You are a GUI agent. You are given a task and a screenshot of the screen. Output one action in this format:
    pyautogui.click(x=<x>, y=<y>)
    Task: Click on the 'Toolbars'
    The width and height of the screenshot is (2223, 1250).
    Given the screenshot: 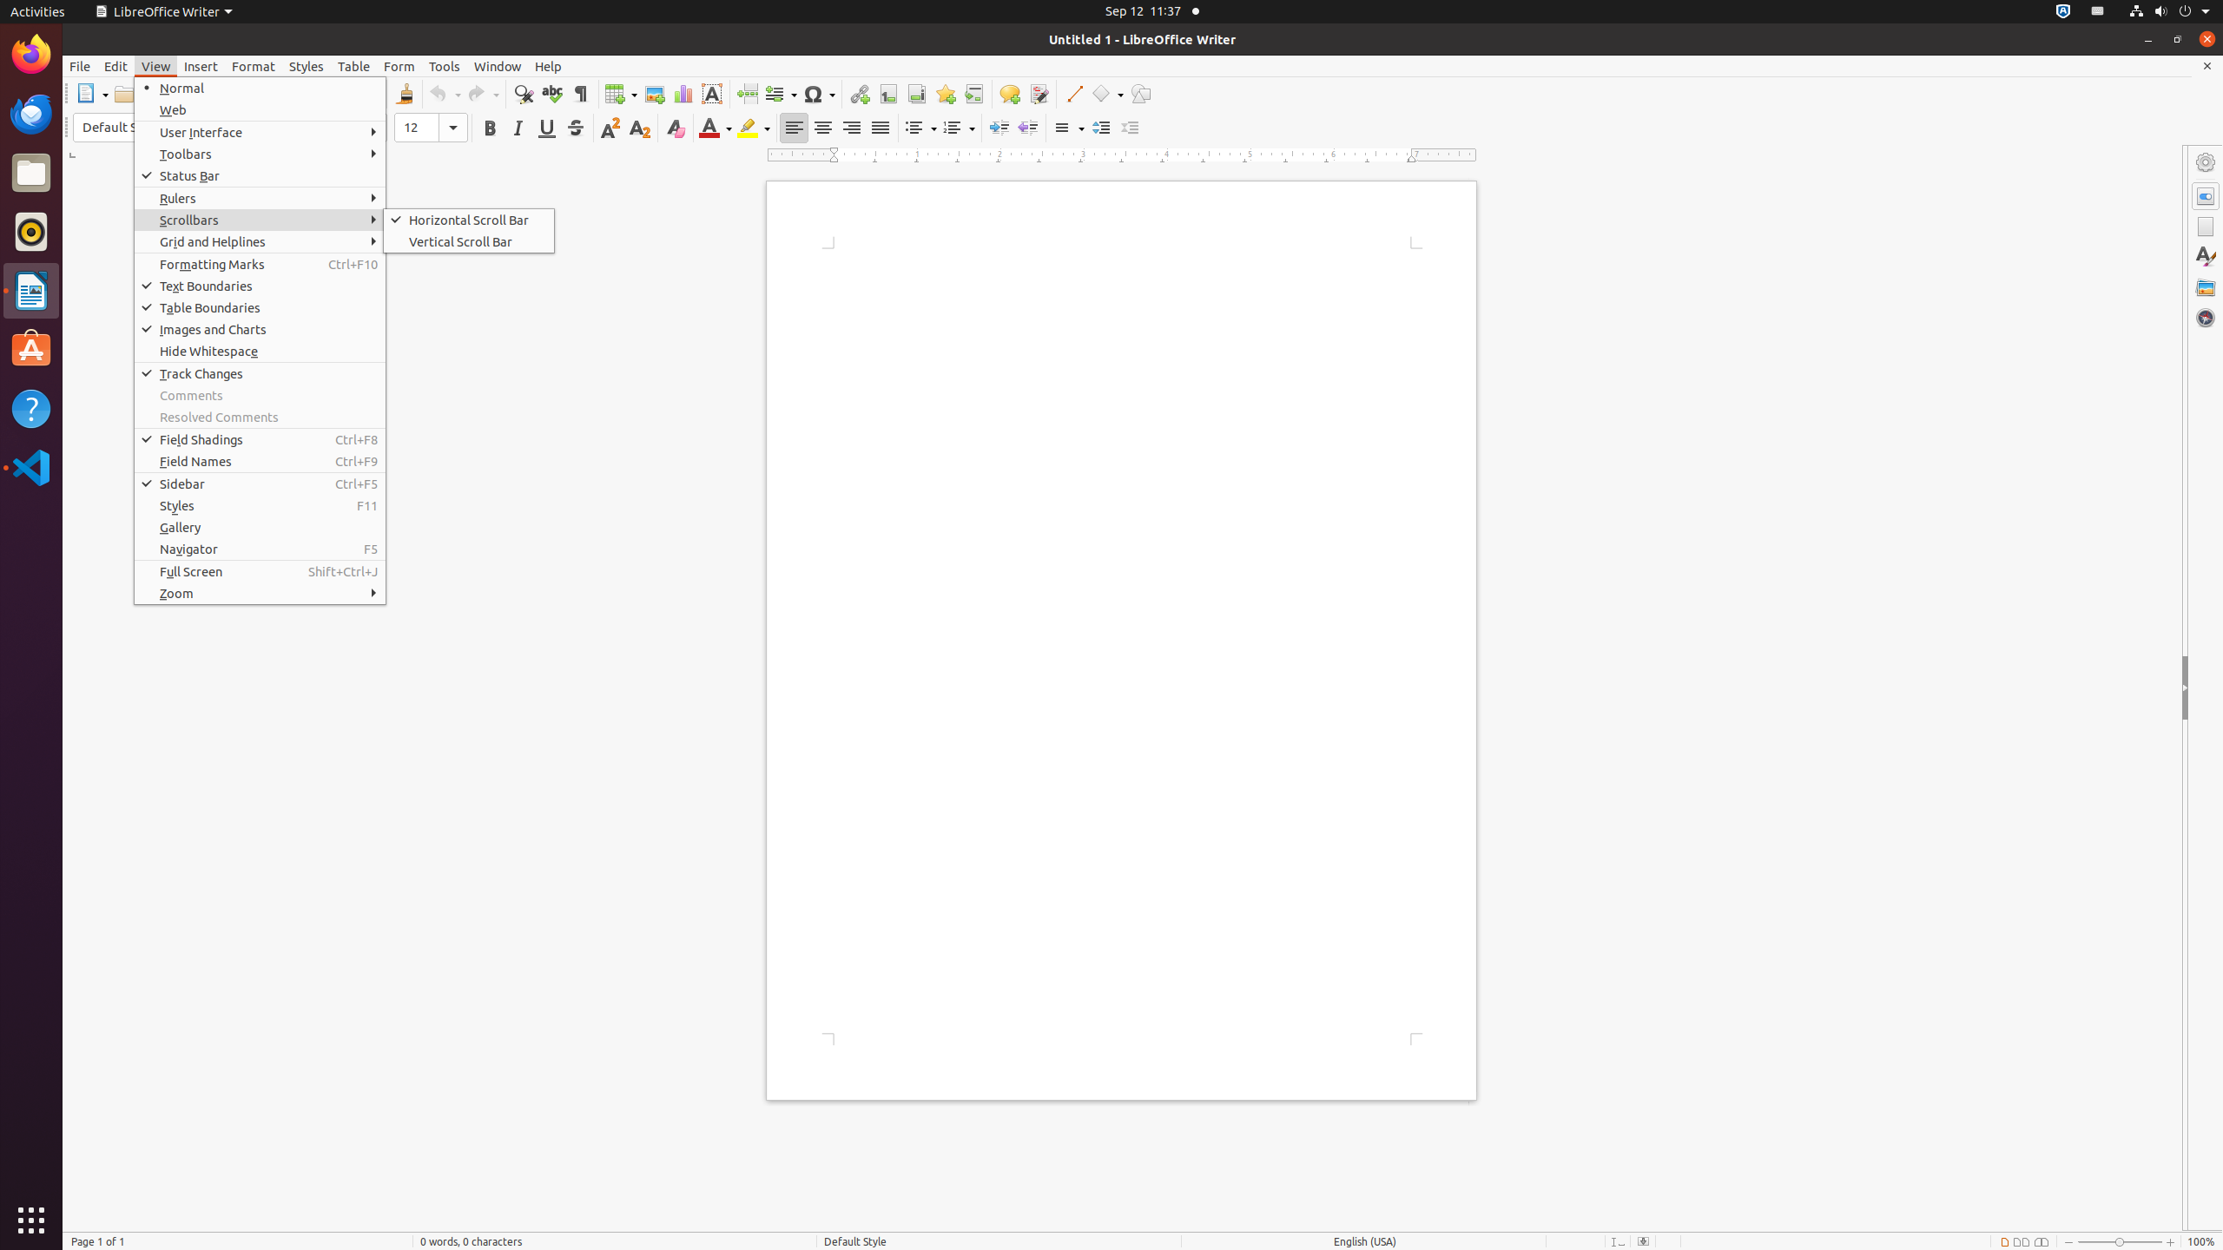 What is the action you would take?
    pyautogui.click(x=259, y=153)
    